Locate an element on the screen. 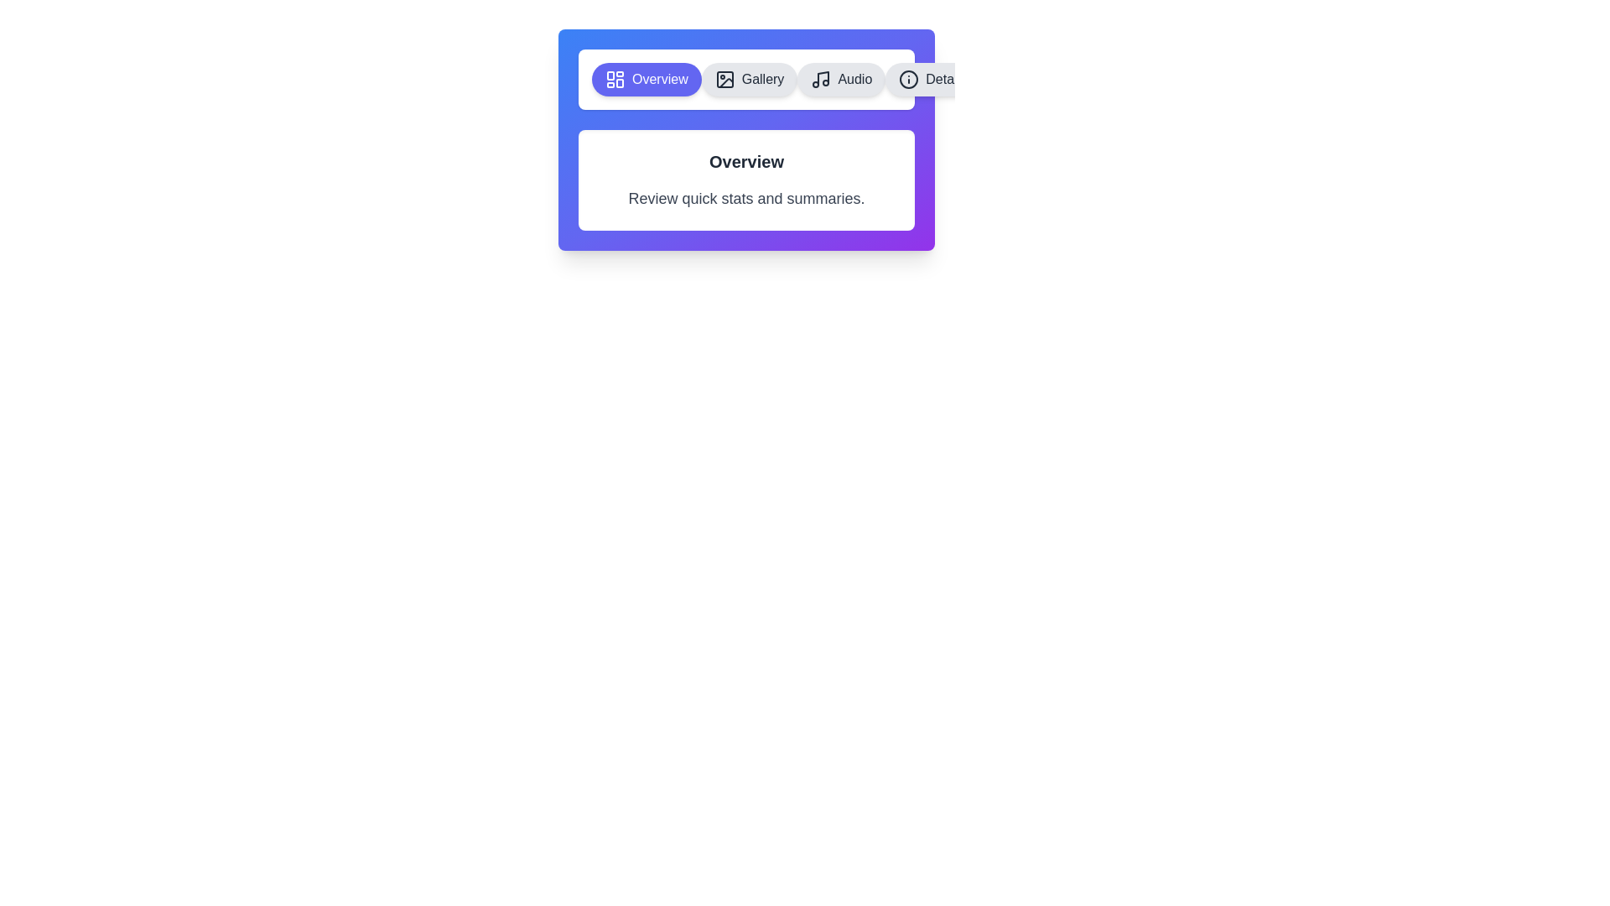 The image size is (1610, 906). the Gallery tab is located at coordinates (748, 80).